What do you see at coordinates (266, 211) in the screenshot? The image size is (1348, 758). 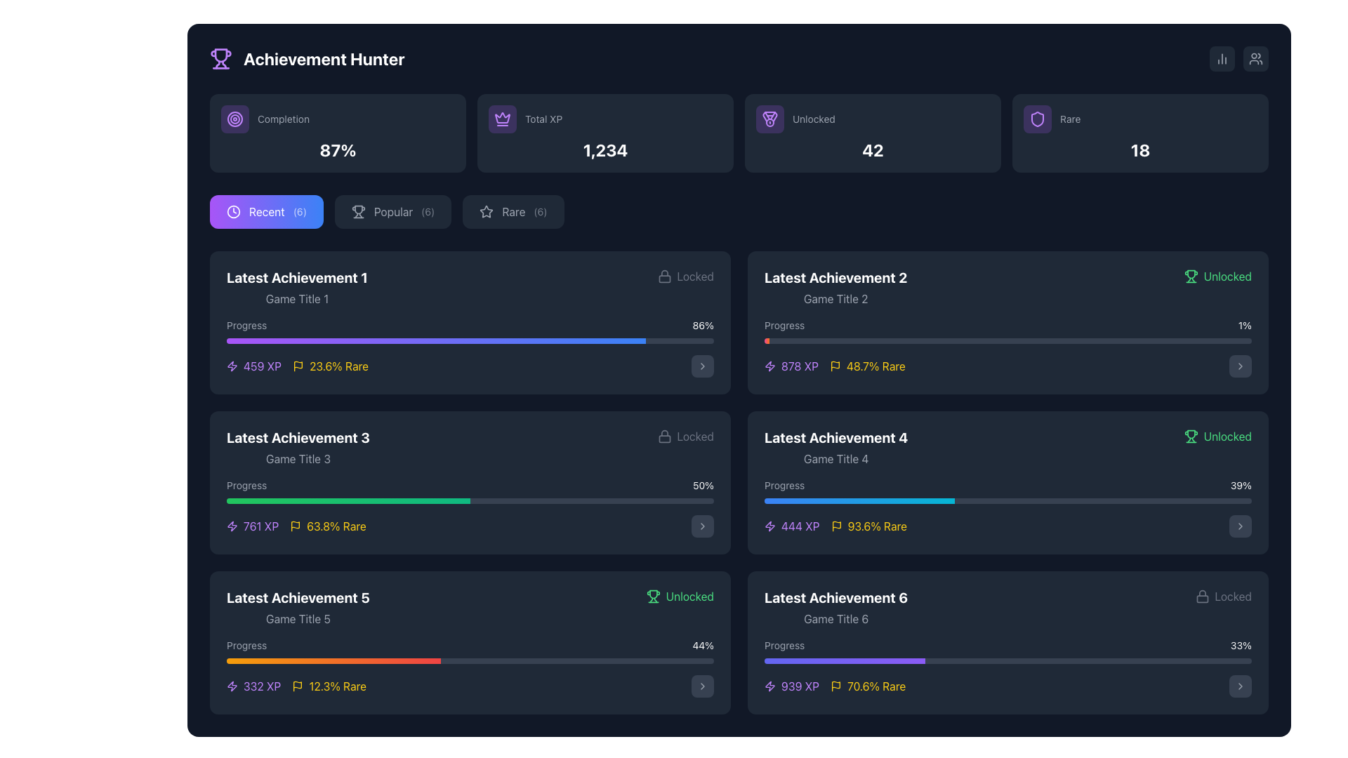 I see `the 'Recent' button with a clock icon on the left and a small '6' in parentheses on the right to filter content` at bounding box center [266, 211].